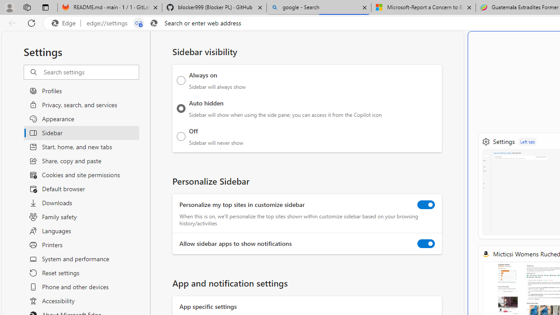 The image size is (560, 315). What do you see at coordinates (423, 7) in the screenshot?
I see `'Microsoft-Report a Concern to Bing'` at bounding box center [423, 7].